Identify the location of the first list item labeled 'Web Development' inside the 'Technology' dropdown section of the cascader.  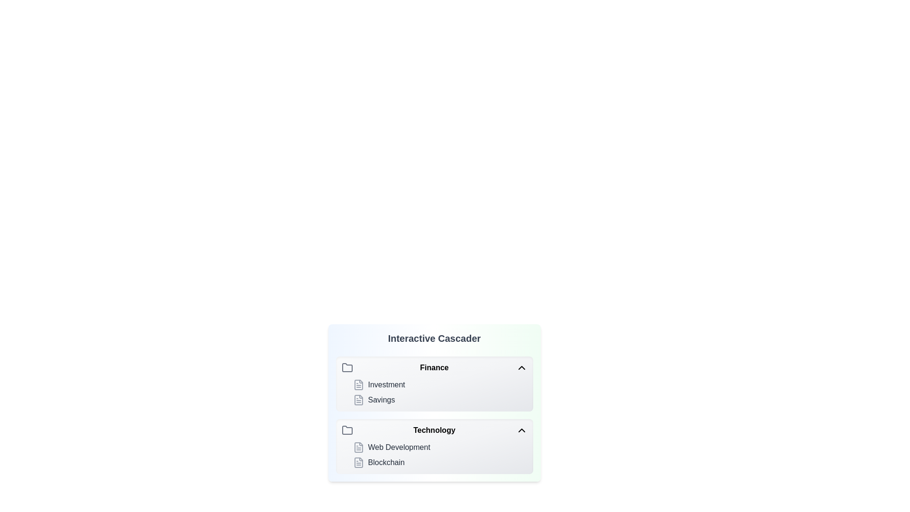
(439, 448).